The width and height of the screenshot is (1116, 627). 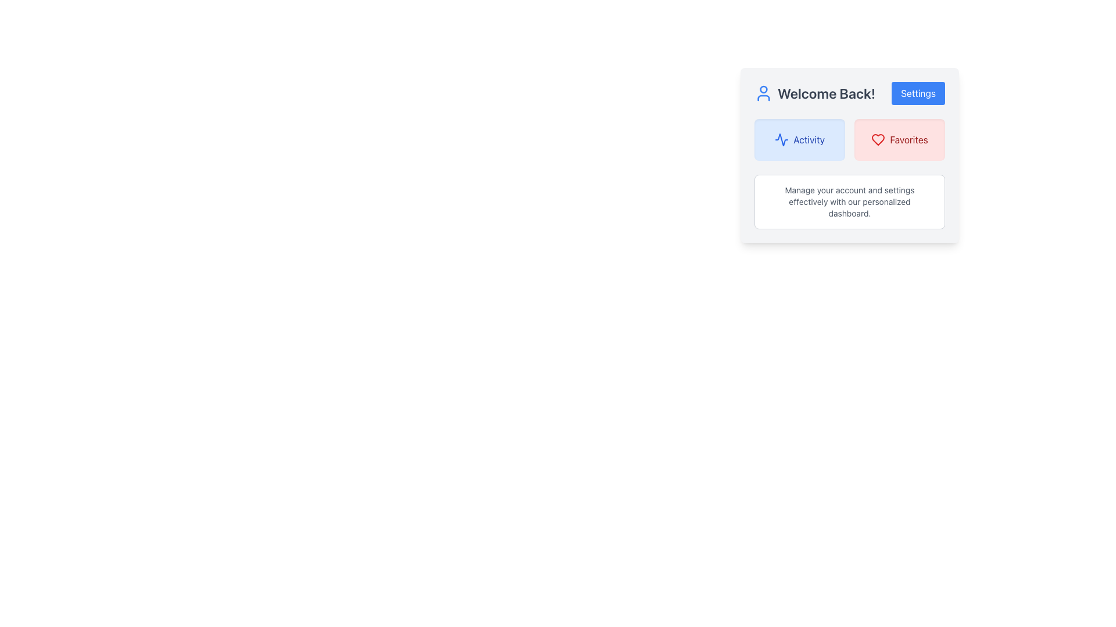 What do you see at coordinates (764, 89) in the screenshot?
I see `the decorative circle graphic element that is part of the user profile icon, positioned above the 'Welcome Back!' text in the top-left corner of the card layout` at bounding box center [764, 89].